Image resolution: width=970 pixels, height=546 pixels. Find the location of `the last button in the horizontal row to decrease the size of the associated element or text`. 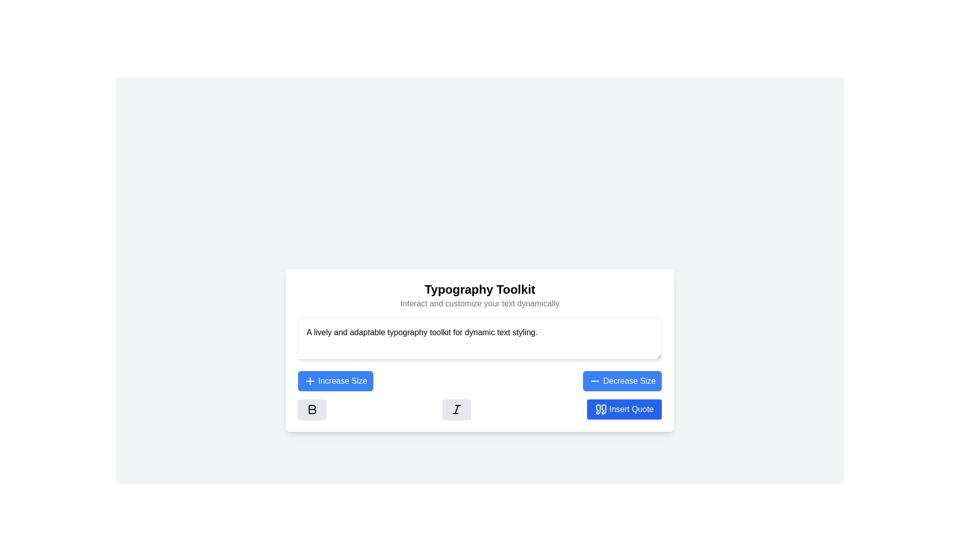

the last button in the horizontal row to decrease the size of the associated element or text is located at coordinates (622, 381).